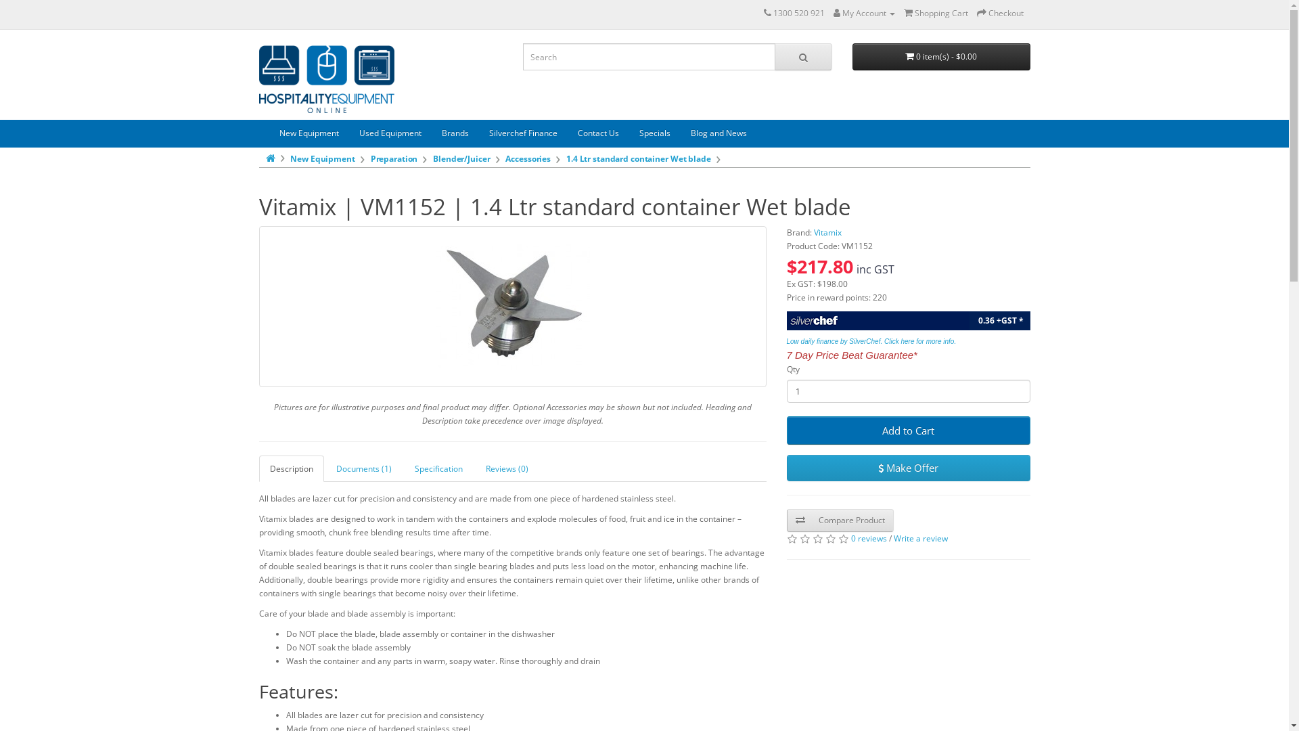  I want to click on 'Brands', so click(455, 133).